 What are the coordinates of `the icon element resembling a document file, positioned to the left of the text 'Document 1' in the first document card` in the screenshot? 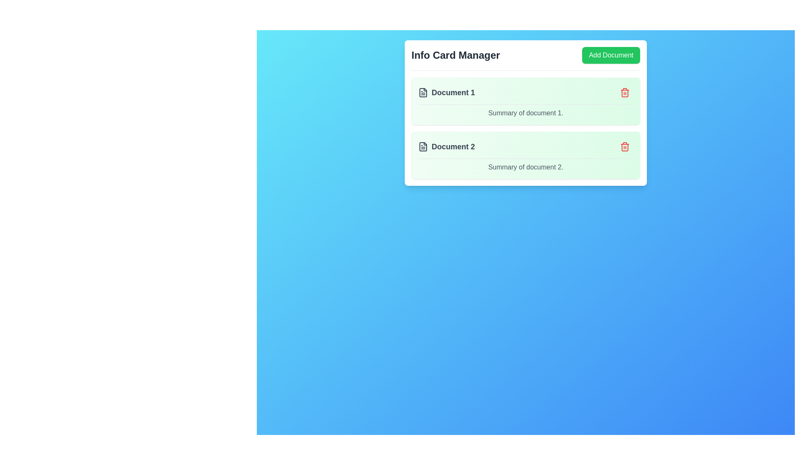 It's located at (423, 92).